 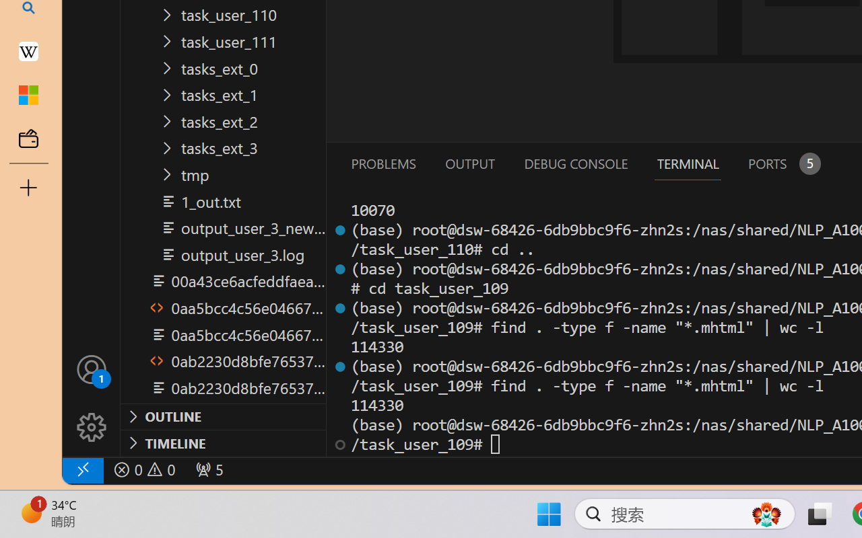 I want to click on 'Ports - 5 forwarded ports', so click(x=783, y=163).